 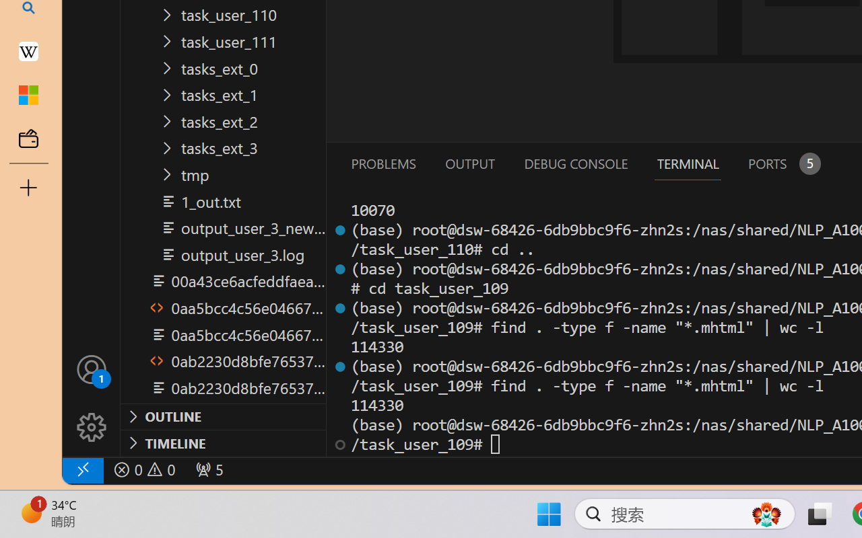 I want to click on 'Ports - 5 forwarded ports', so click(x=783, y=163).